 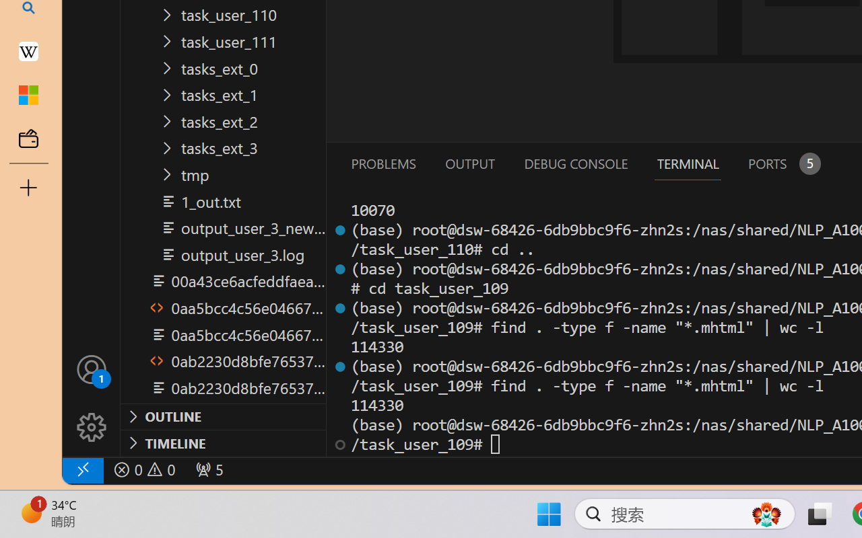 I want to click on 'Ports - 5 forwarded ports', so click(x=783, y=163).